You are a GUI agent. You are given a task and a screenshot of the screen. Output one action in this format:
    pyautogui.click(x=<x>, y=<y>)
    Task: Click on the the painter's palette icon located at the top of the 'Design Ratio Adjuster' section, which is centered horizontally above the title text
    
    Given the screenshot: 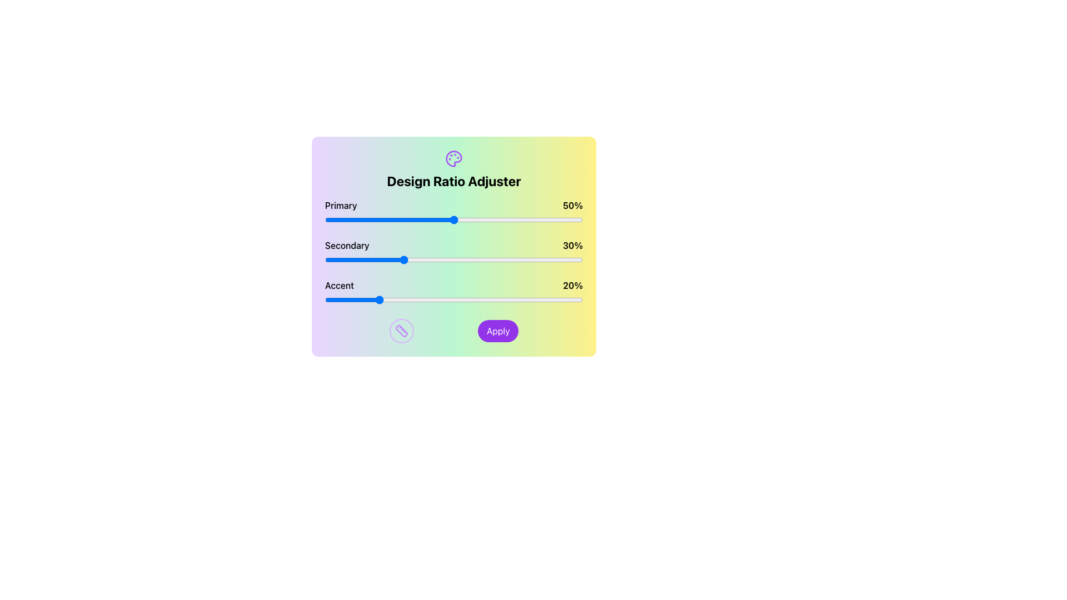 What is the action you would take?
    pyautogui.click(x=453, y=158)
    